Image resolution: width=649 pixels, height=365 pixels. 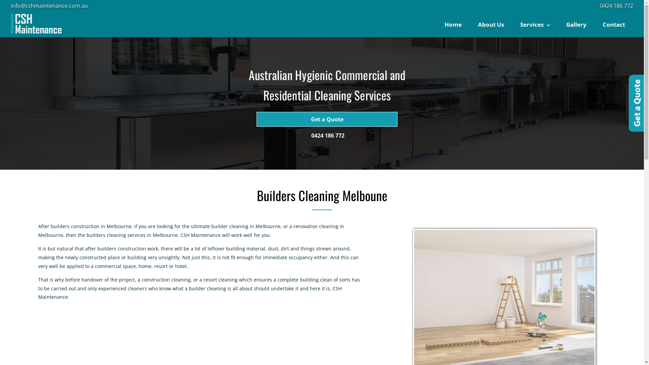 I want to click on 'Services', so click(x=512, y=24).